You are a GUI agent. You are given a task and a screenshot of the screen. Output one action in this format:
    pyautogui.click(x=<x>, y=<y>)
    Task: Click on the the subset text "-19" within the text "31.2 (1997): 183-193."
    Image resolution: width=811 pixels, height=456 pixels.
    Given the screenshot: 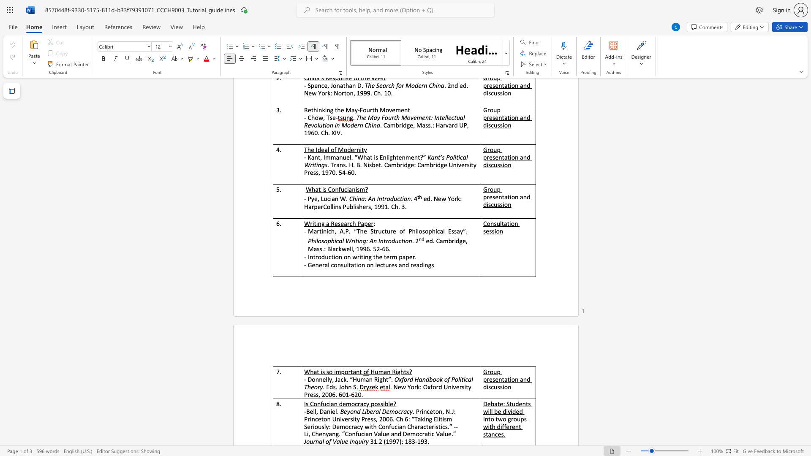 What is the action you would take?
    pyautogui.click(x=415, y=441)
    